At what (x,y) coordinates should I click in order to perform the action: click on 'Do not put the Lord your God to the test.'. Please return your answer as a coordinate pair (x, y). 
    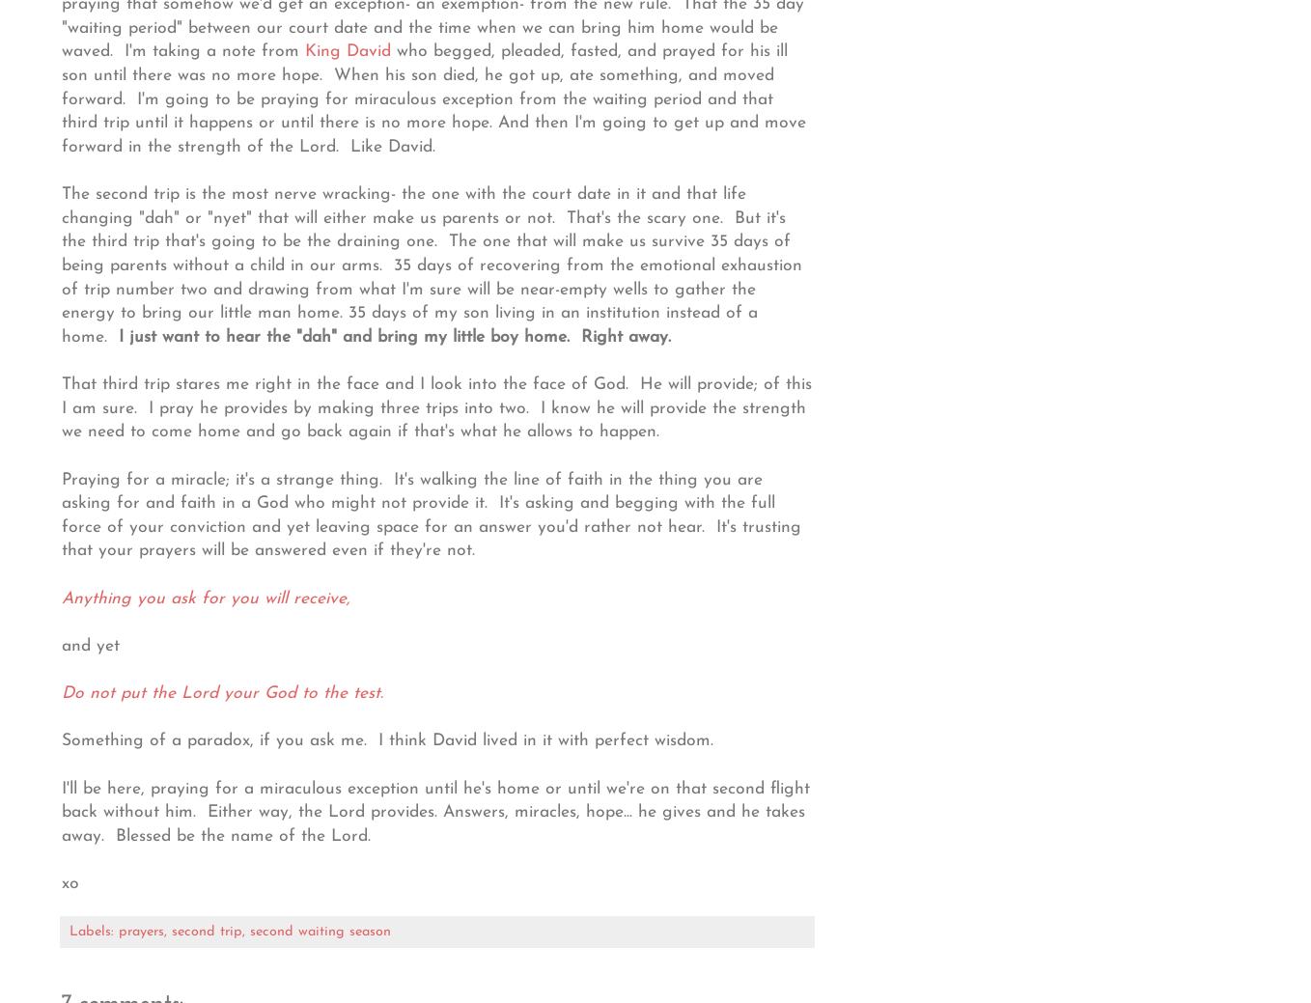
    Looking at the image, I should click on (221, 692).